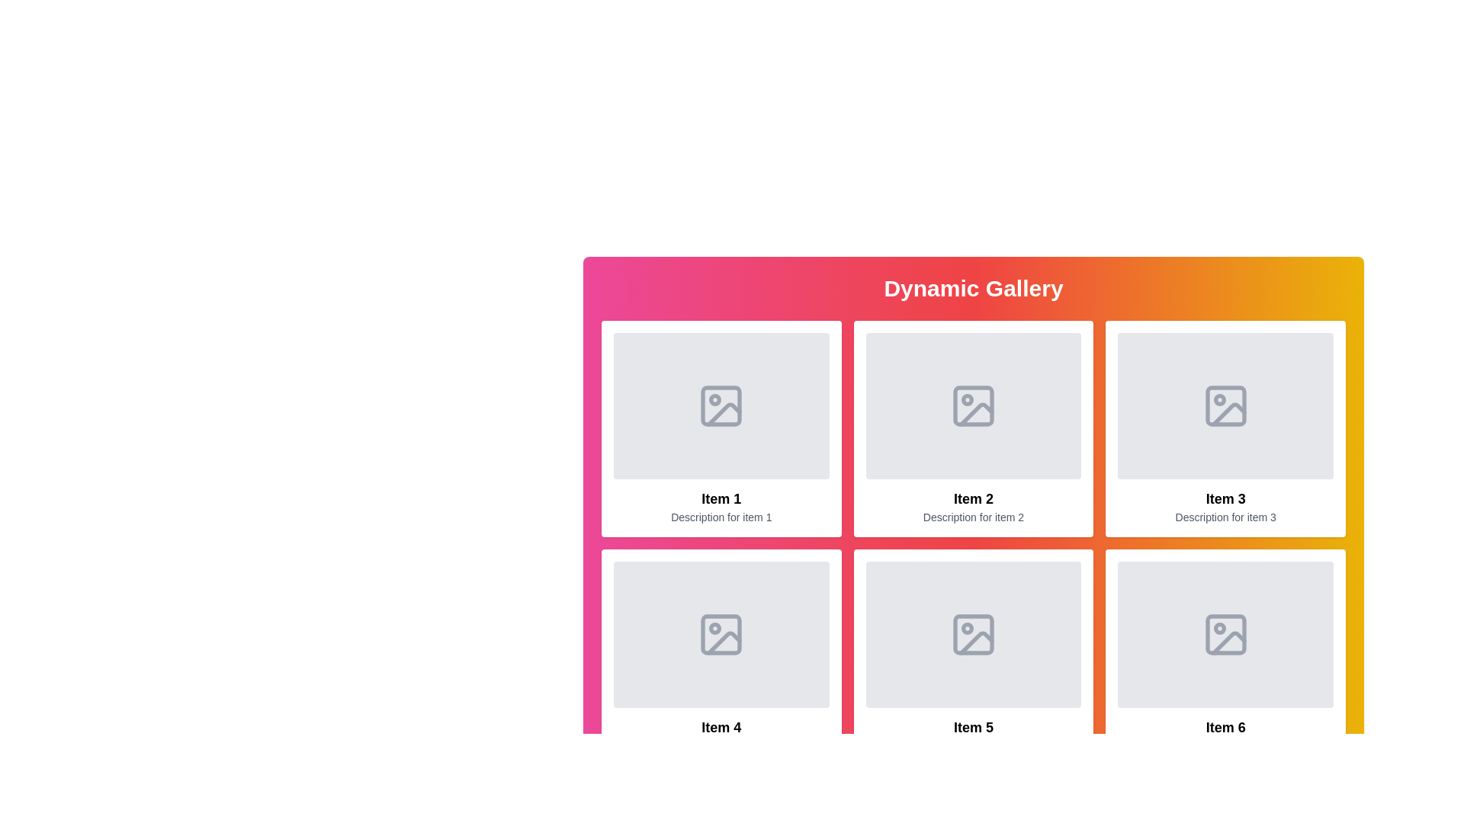 The image size is (1464, 823). I want to click on the image placeholder icon located at the center of the third card in the 'Dynamic Gallery' section, so click(1225, 405).